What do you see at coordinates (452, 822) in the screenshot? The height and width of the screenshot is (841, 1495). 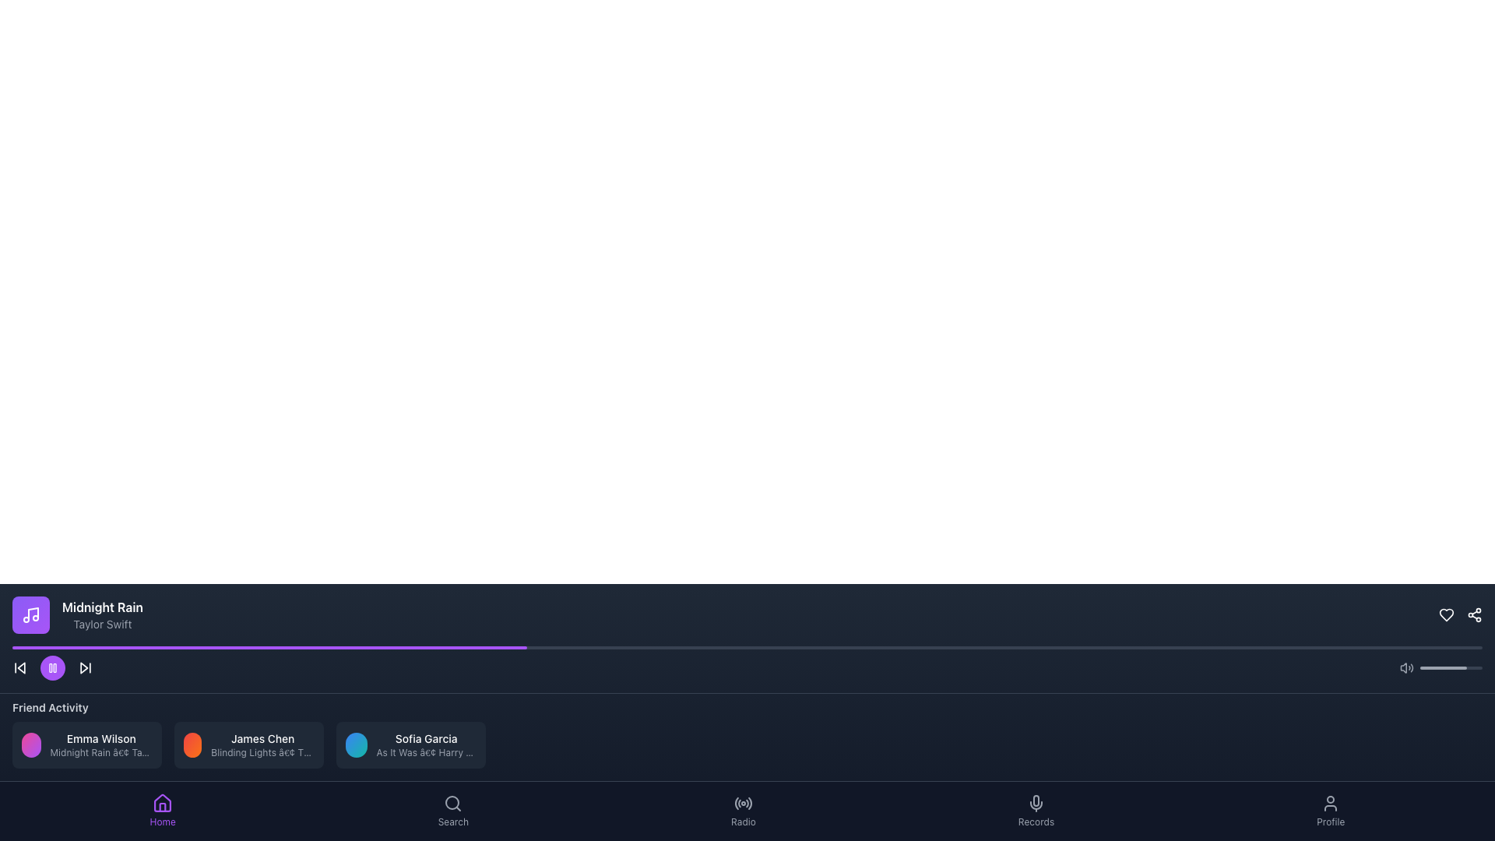 I see `the 'Search' text label located in the bottom navigation bar, which is positioned centrally beneath the magnifying glass icon` at bounding box center [452, 822].